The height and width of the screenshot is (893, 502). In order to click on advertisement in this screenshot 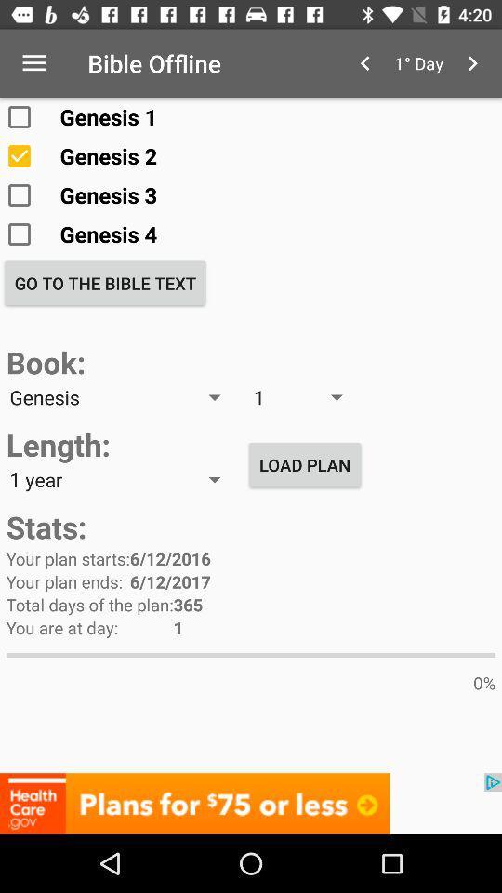, I will do `click(251, 803)`.